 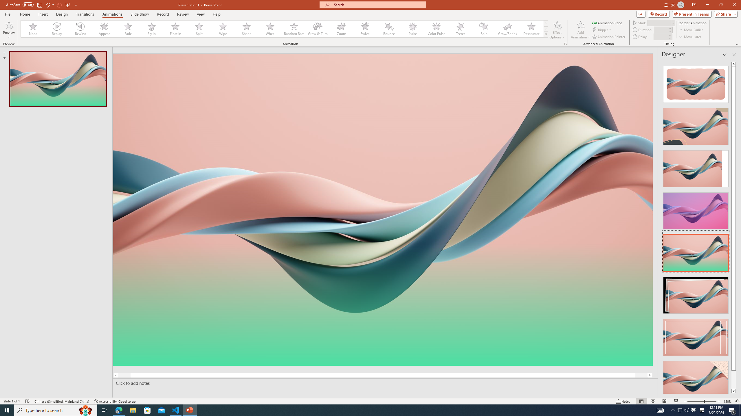 What do you see at coordinates (728, 401) in the screenshot?
I see `'Zoom 150%'` at bounding box center [728, 401].